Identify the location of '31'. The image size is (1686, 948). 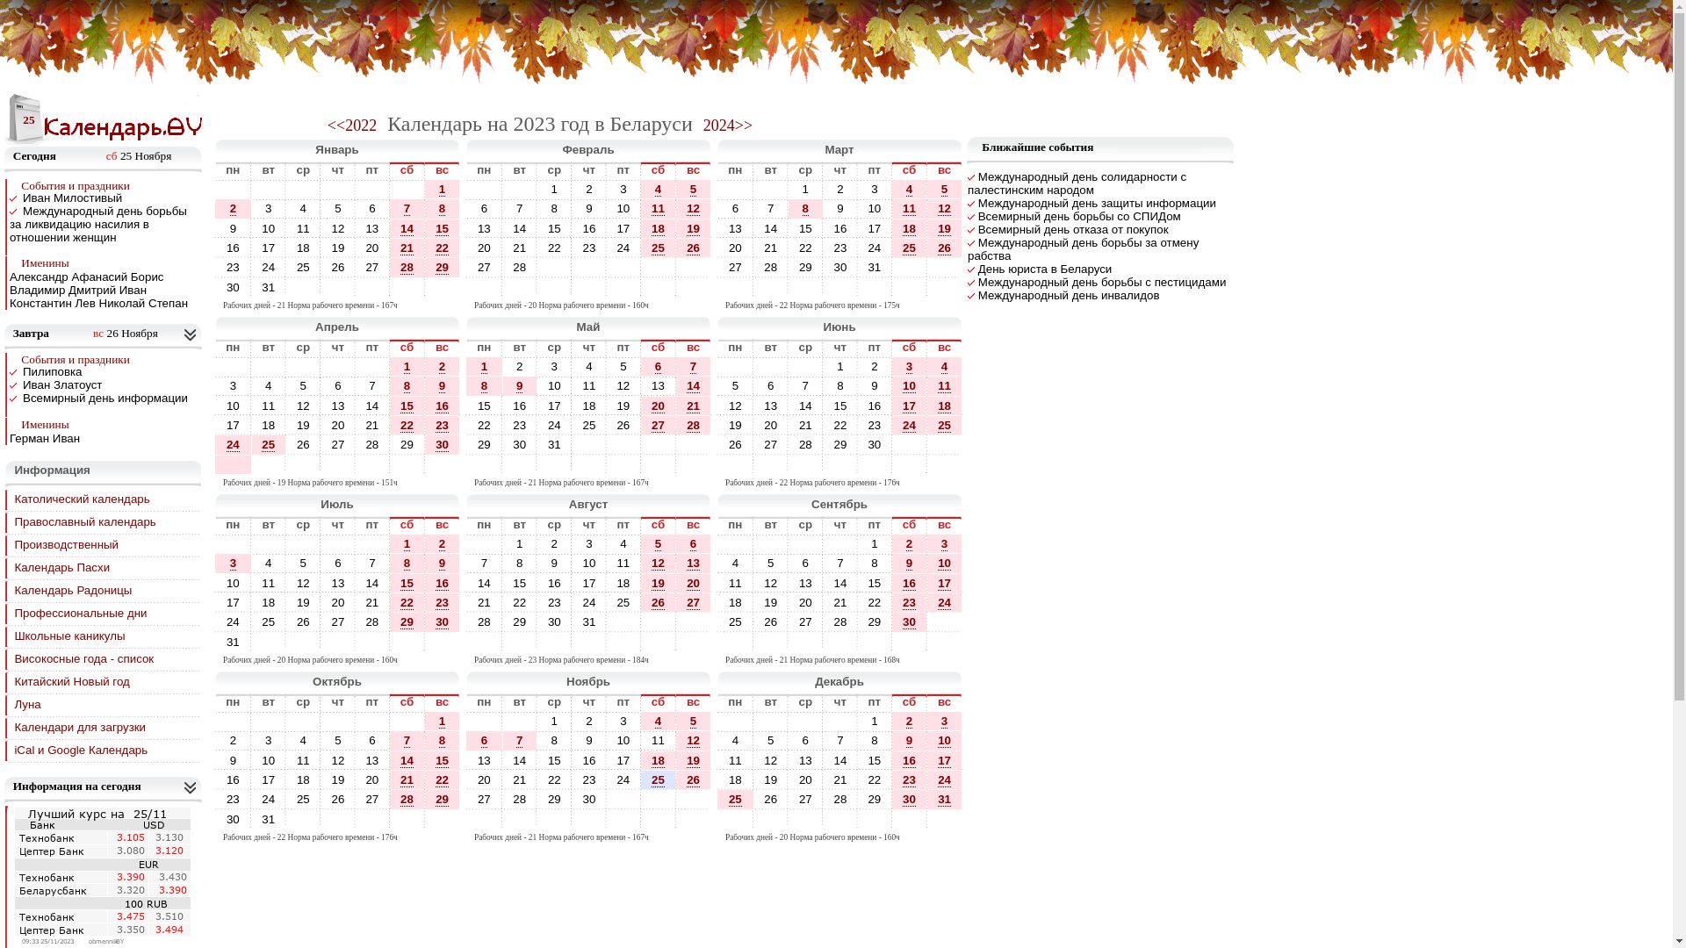
(268, 819).